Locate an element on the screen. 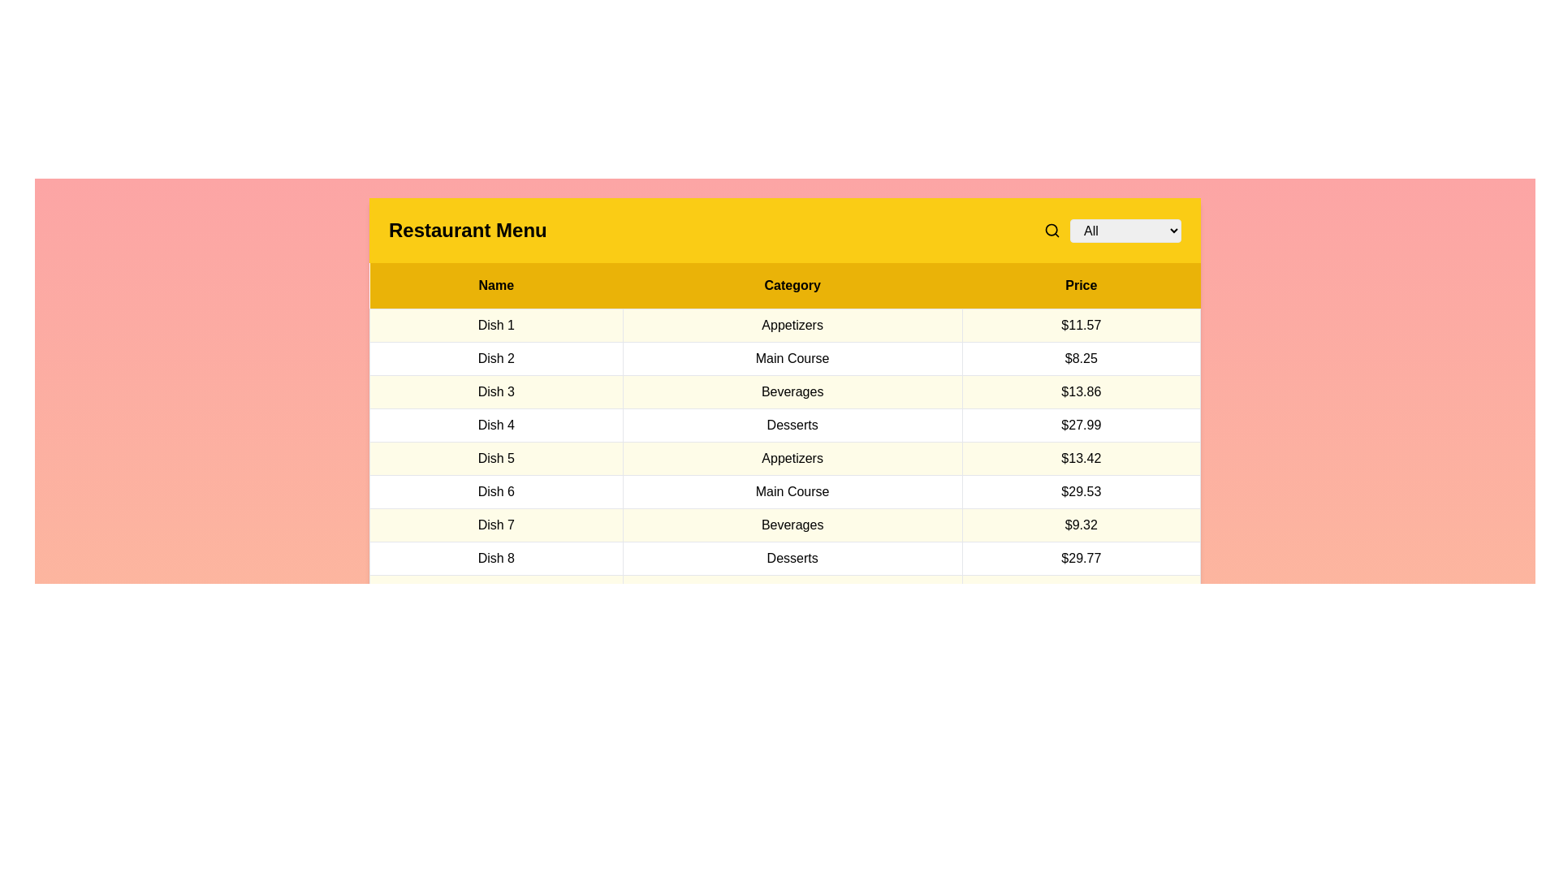 The image size is (1559, 877). the category Main Course in the dropdown menu is located at coordinates (1125, 231).